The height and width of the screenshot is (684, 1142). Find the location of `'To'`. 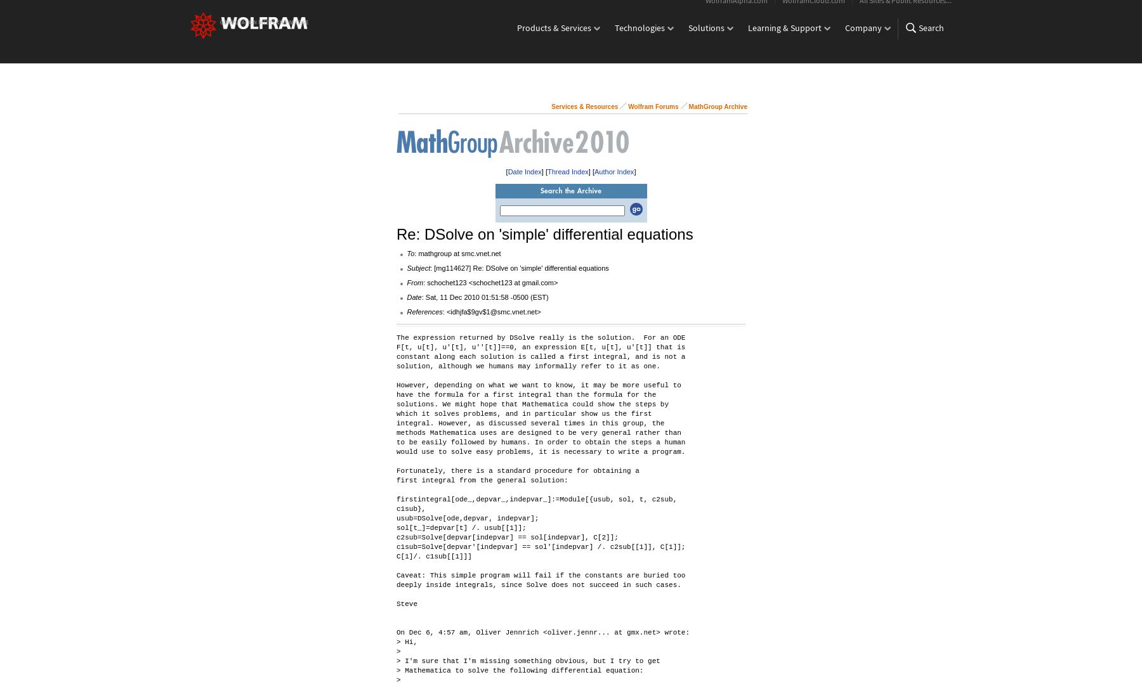

'To' is located at coordinates (410, 252).